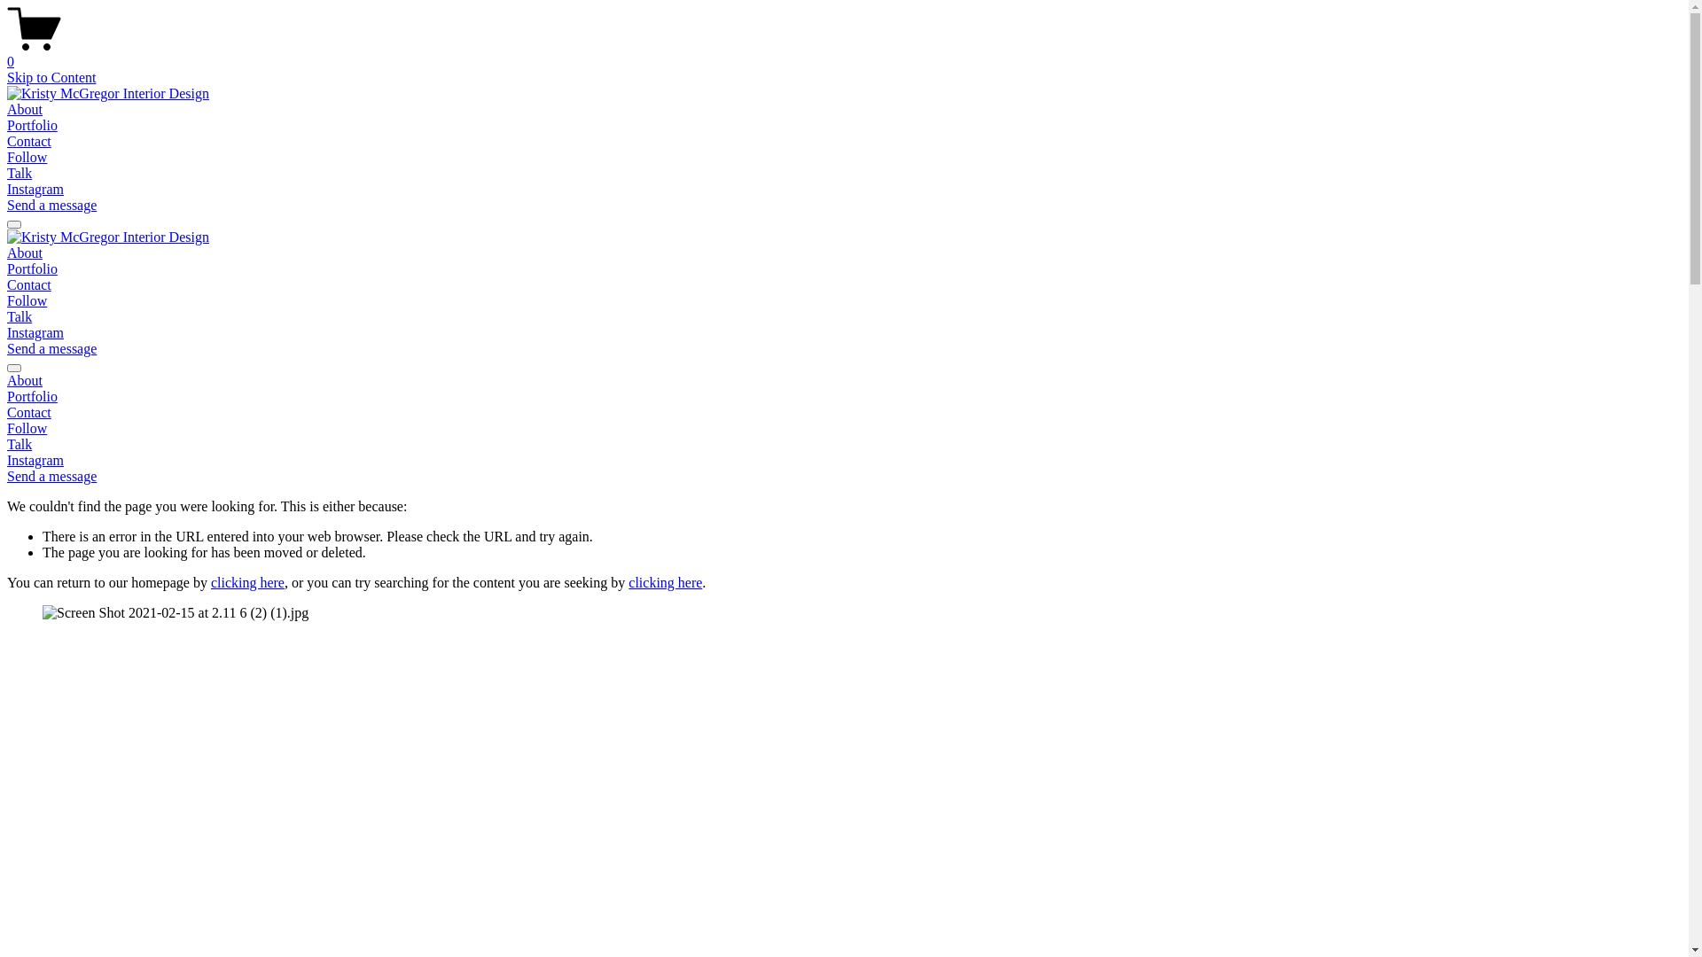 The image size is (1702, 957). Describe the element at coordinates (27, 300) in the screenshot. I see `'Follow'` at that location.